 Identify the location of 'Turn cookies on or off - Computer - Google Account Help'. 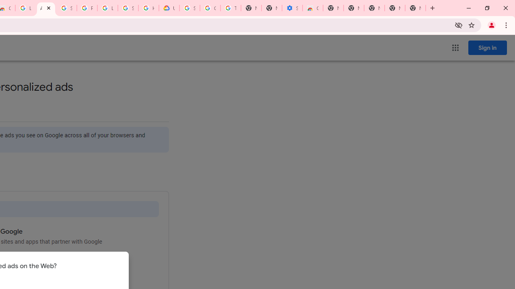
(230, 8).